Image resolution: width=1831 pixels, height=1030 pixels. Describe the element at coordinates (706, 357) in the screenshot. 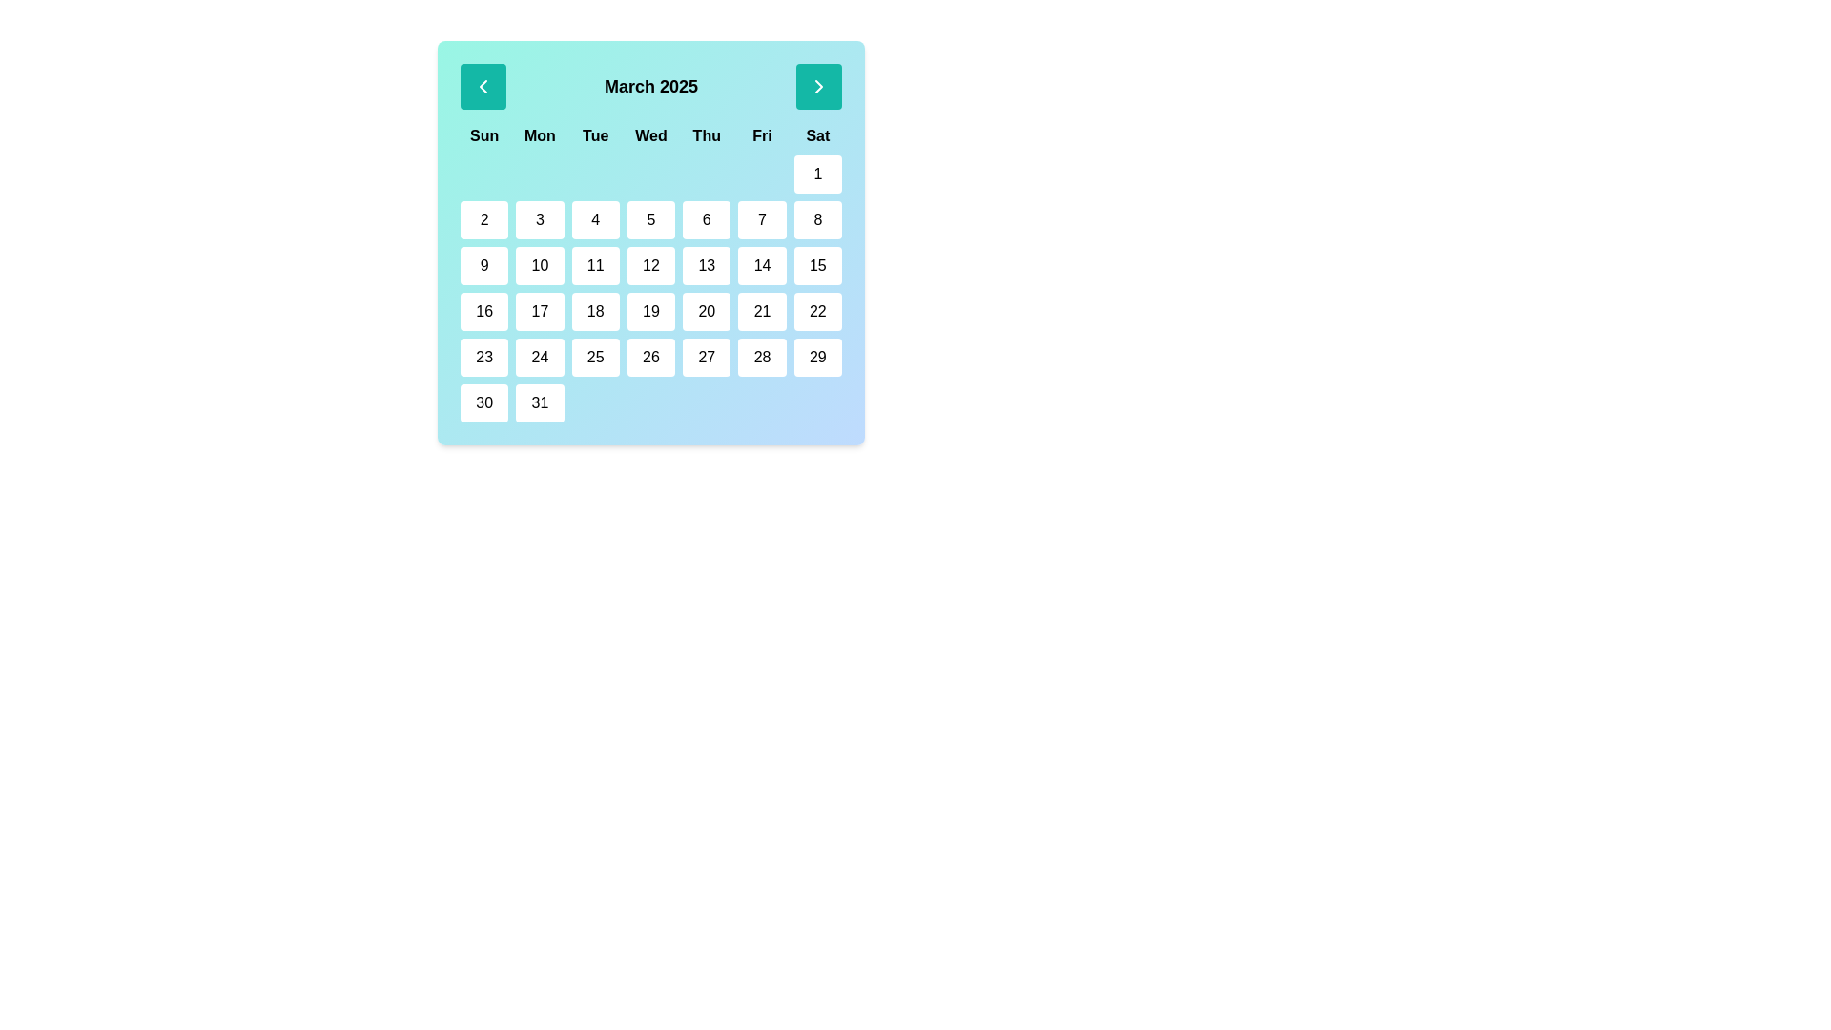

I see `the button representing the 27th day on the calendar` at that location.